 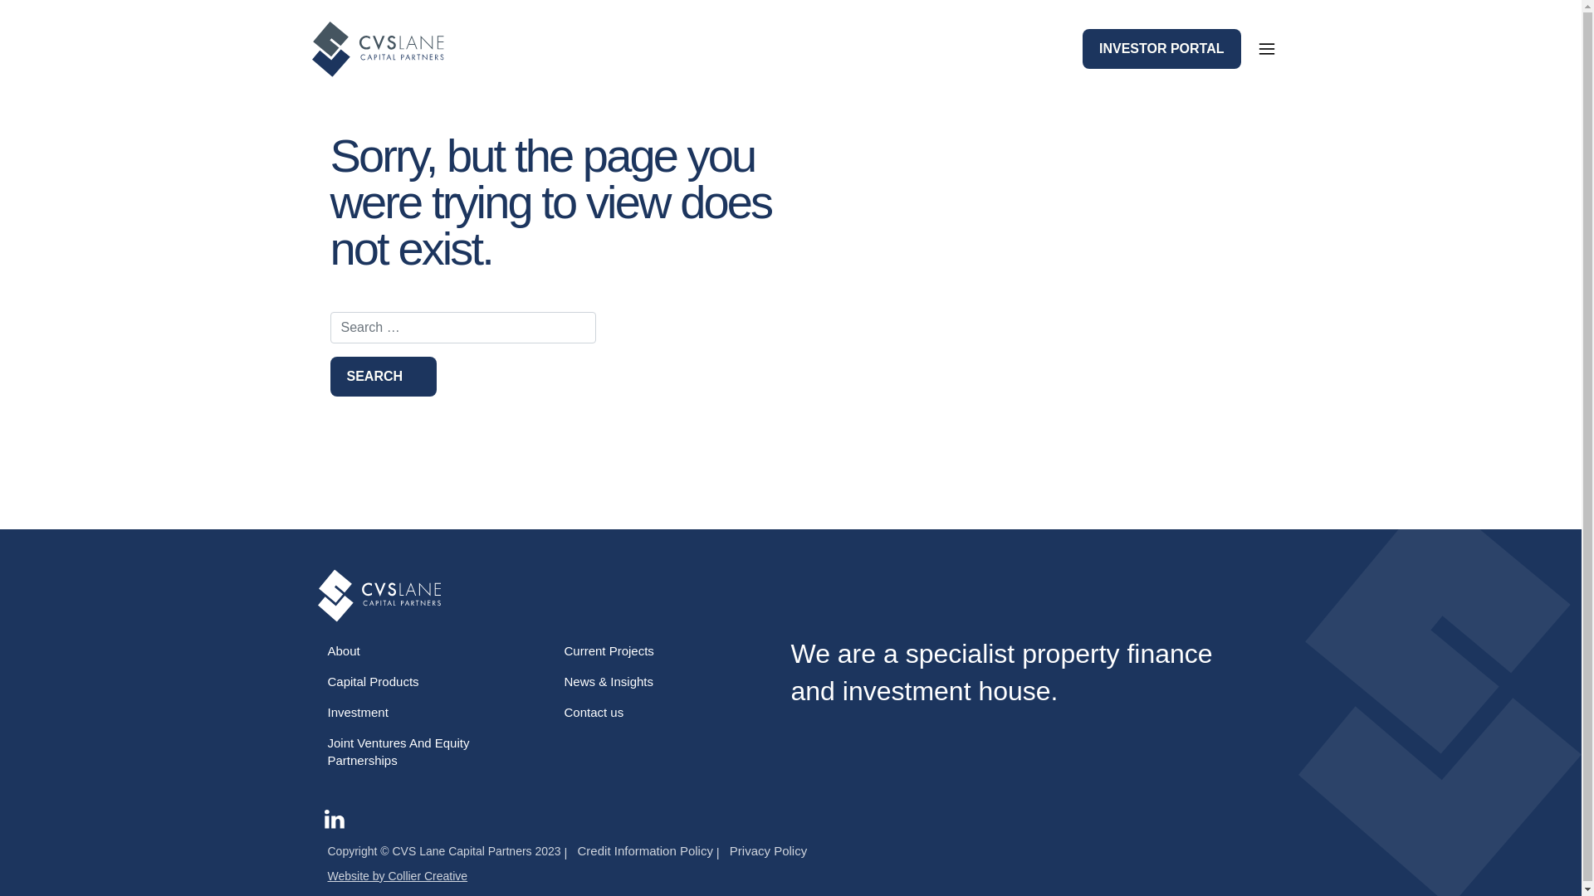 I want to click on 'INVESTOR PORTAL', so click(x=1161, y=47).